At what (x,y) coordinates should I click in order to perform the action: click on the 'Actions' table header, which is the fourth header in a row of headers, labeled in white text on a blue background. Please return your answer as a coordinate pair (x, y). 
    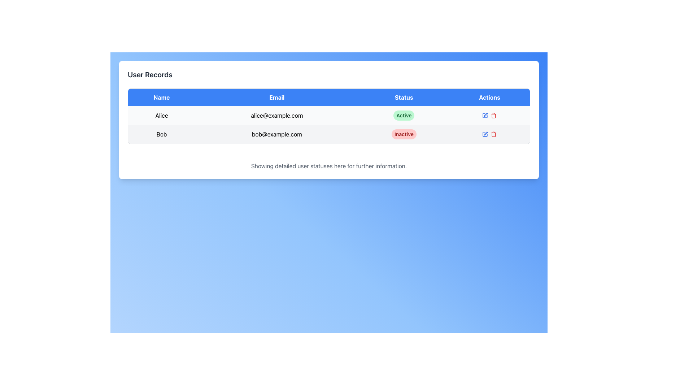
    Looking at the image, I should click on (489, 97).